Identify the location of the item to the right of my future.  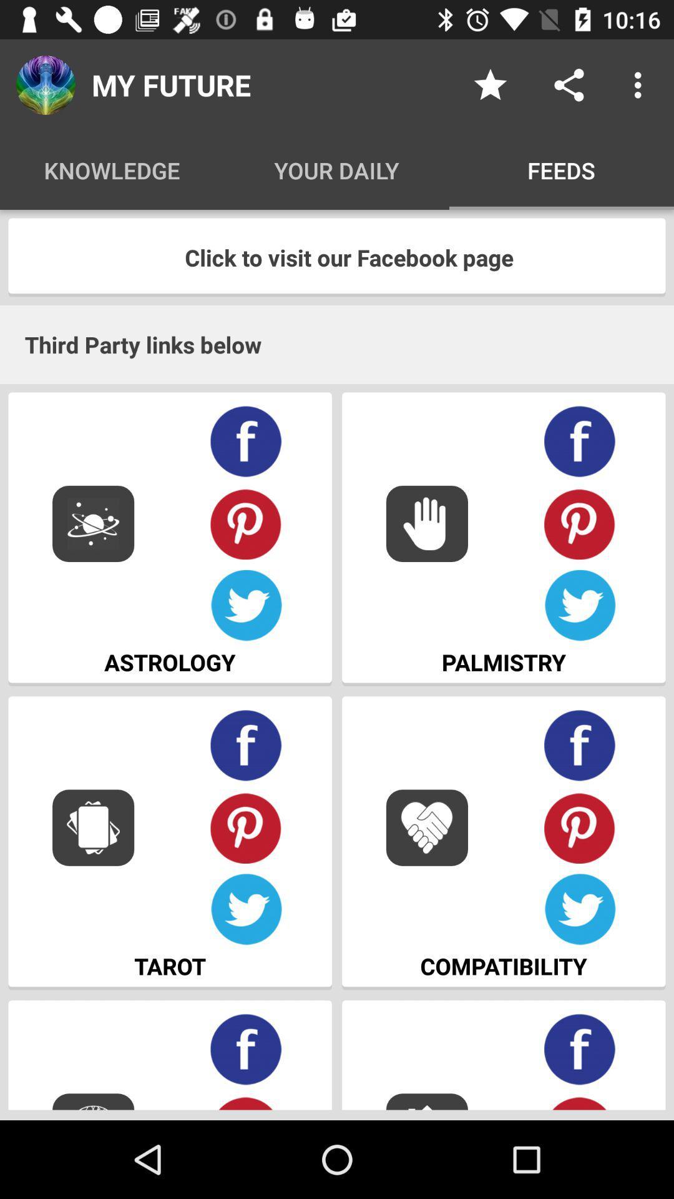
(490, 84).